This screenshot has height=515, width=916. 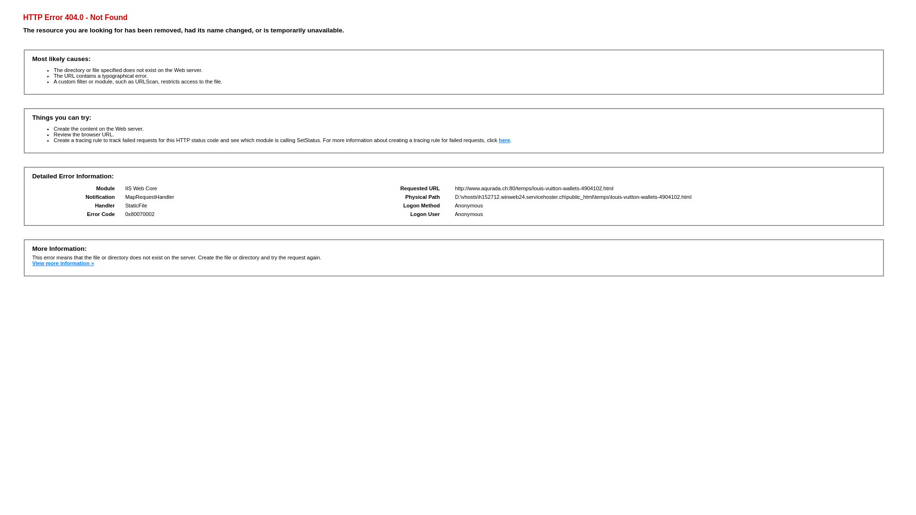 I want to click on 'here', so click(x=504, y=140).